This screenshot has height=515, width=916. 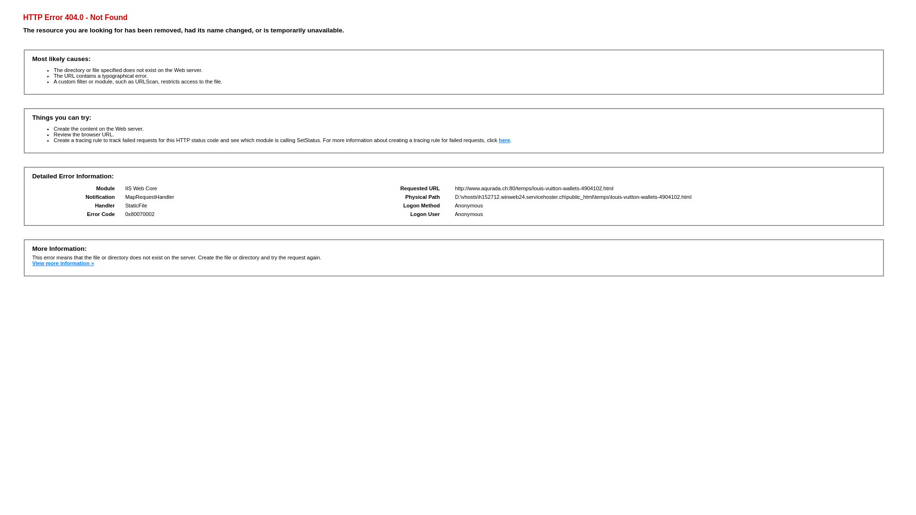 I want to click on 'here', so click(x=504, y=140).